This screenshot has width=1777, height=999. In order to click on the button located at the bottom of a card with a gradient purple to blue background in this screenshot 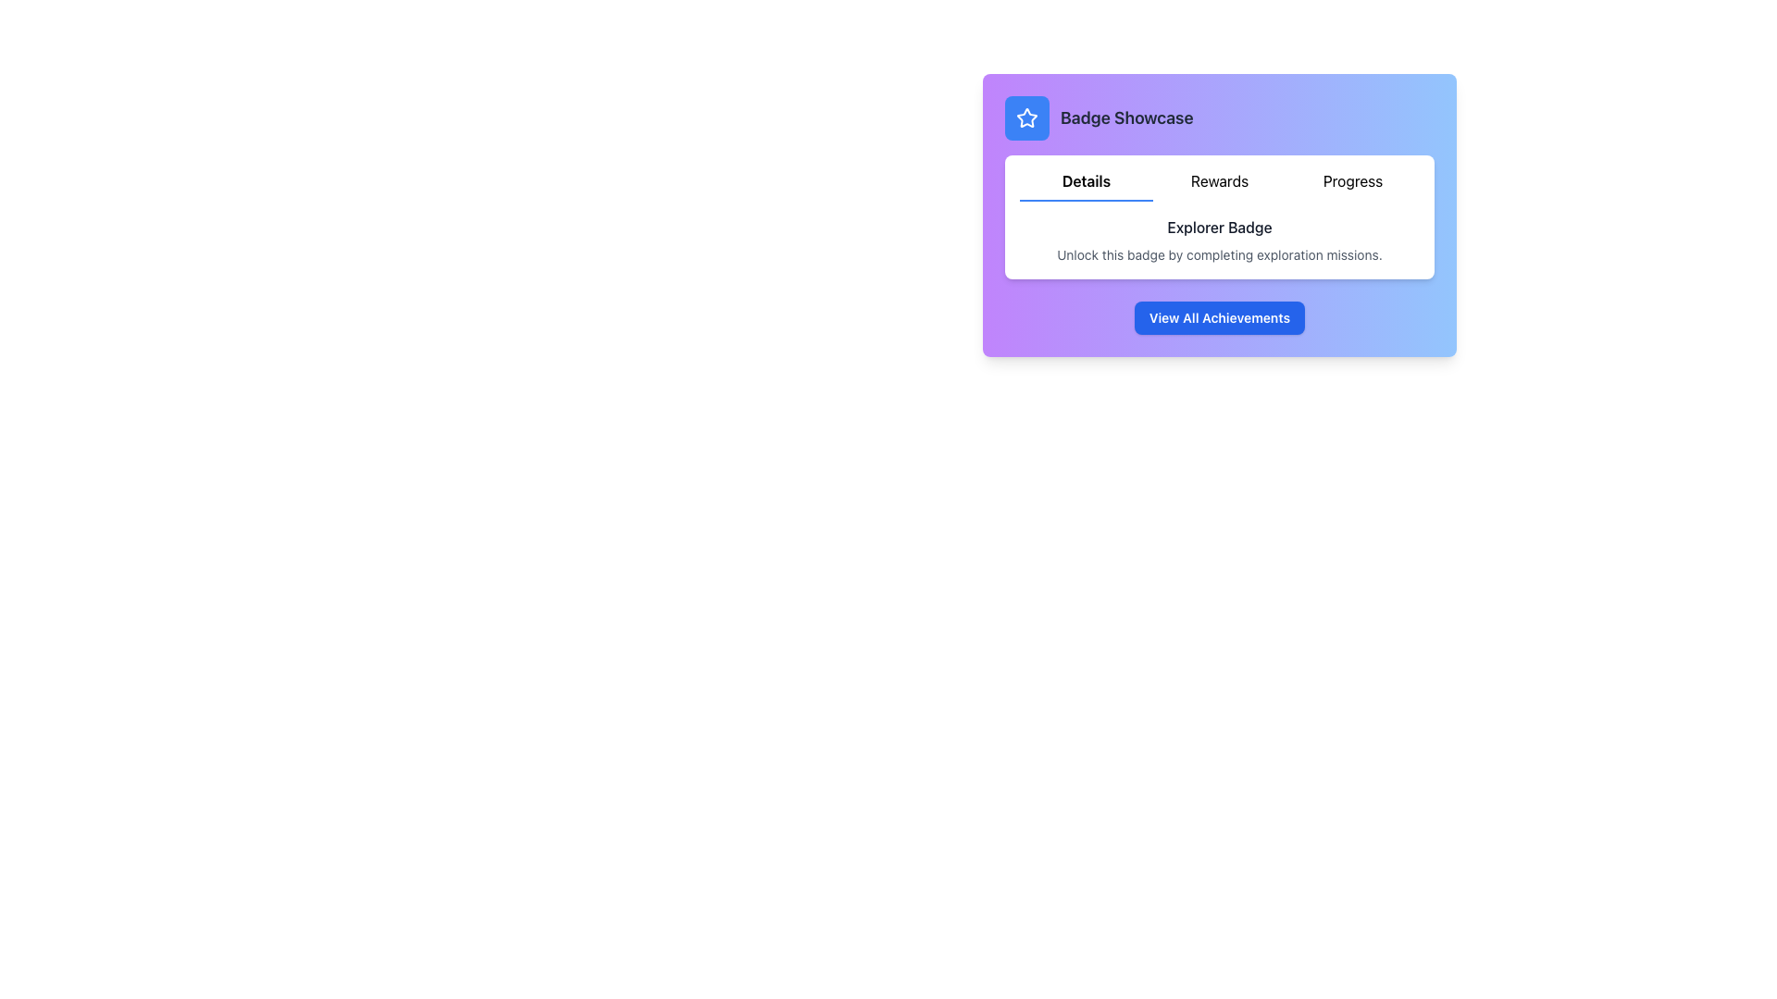, I will do `click(1220, 316)`.